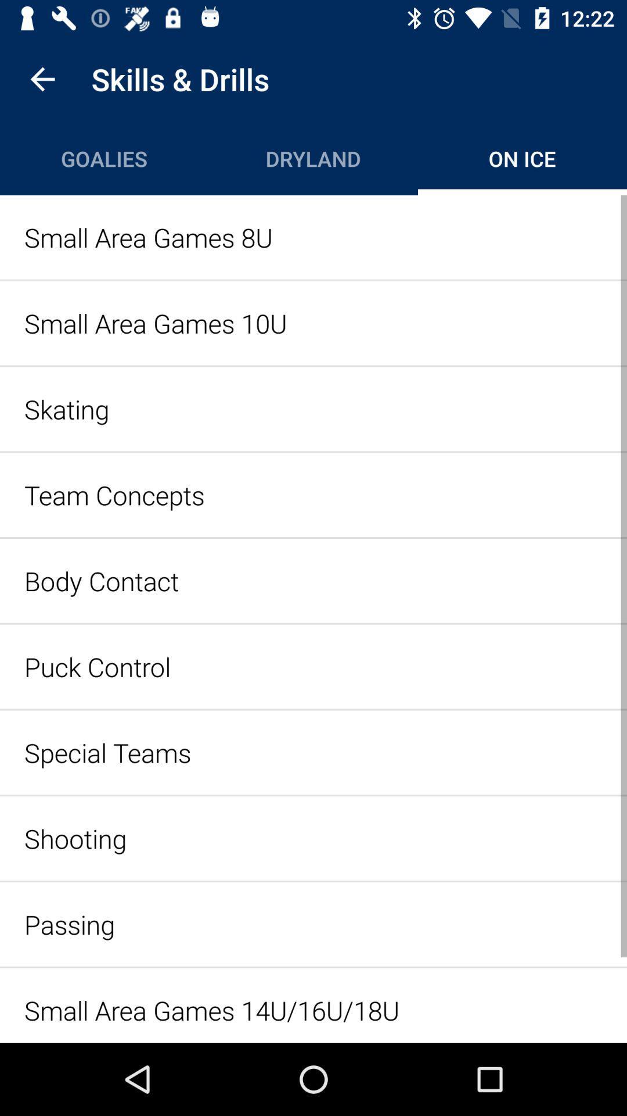 The image size is (627, 1116). What do you see at coordinates (42, 78) in the screenshot?
I see `item next to the skills & drills icon` at bounding box center [42, 78].